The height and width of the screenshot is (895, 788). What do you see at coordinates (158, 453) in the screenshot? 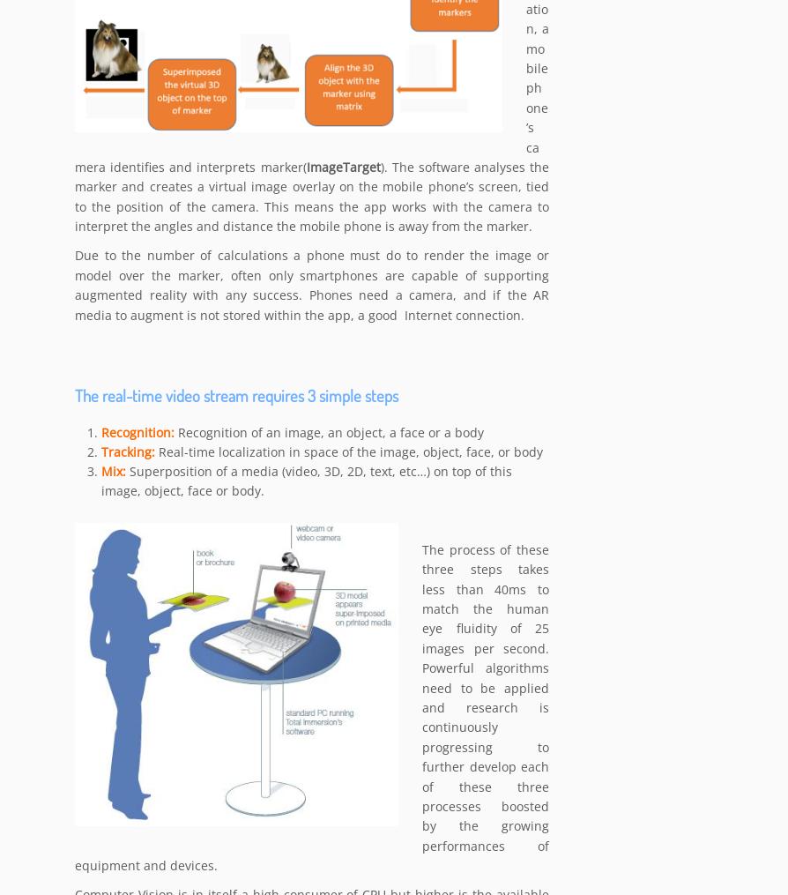
I see `'Real-time localization in space of the image, object, face, or body'` at bounding box center [158, 453].